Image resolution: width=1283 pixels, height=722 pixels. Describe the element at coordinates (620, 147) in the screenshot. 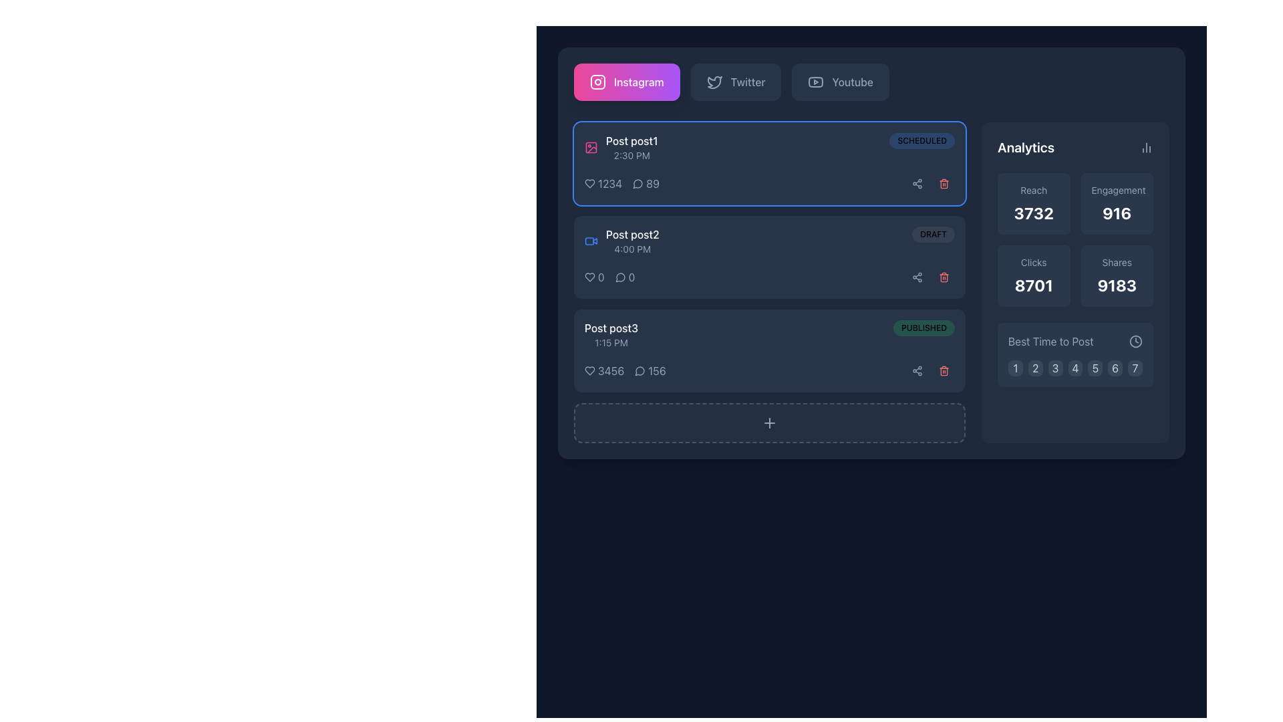

I see `the pink icon of the square image outline with a circular element in the Content item header labeled 'Post post1' to preview the media` at that location.